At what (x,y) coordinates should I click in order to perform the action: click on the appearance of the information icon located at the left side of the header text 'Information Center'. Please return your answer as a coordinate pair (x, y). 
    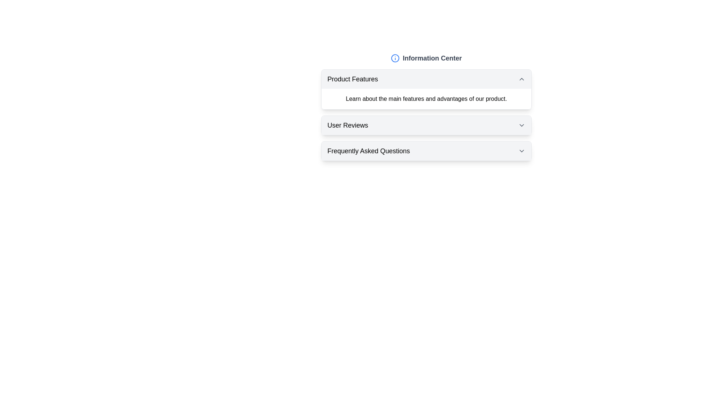
    Looking at the image, I should click on (395, 58).